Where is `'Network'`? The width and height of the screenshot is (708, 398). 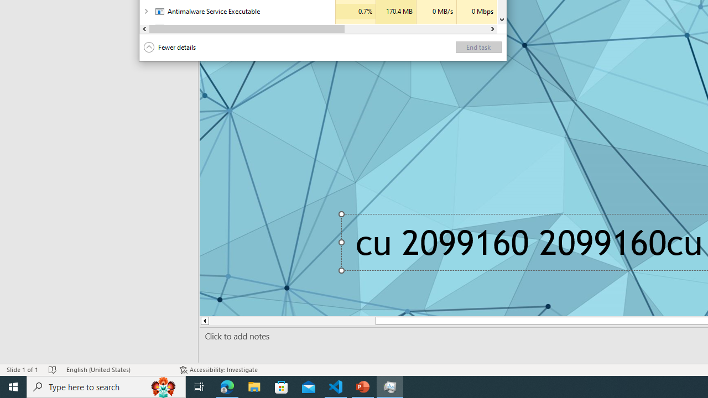 'Network' is located at coordinates (477, 27).